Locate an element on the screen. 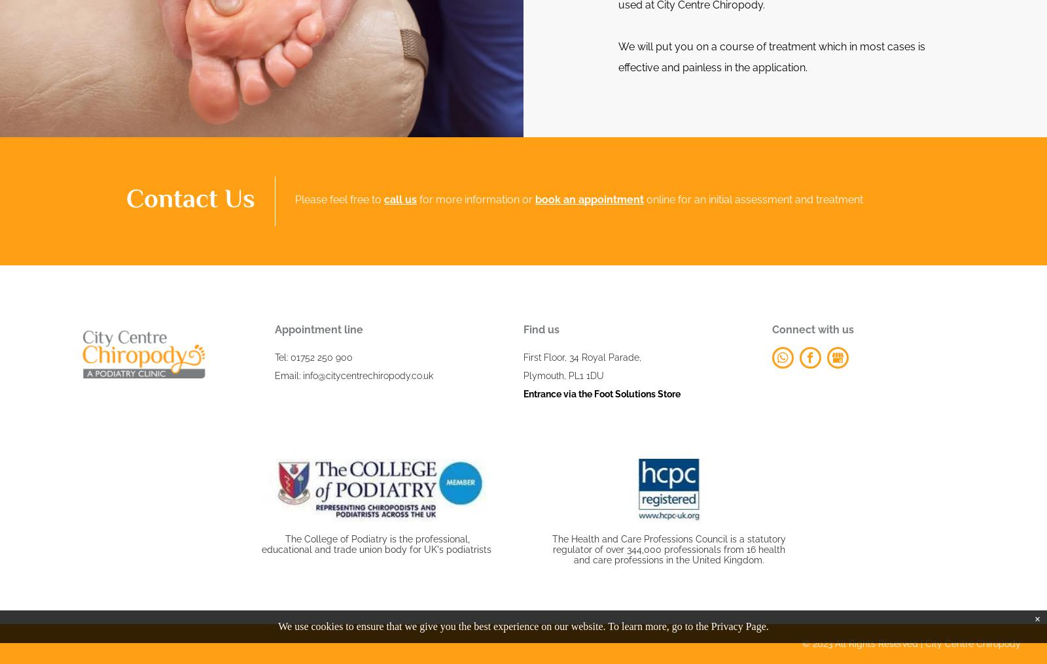 This screenshot has width=1047, height=664. 'Connect with us' is located at coordinates (772, 329).